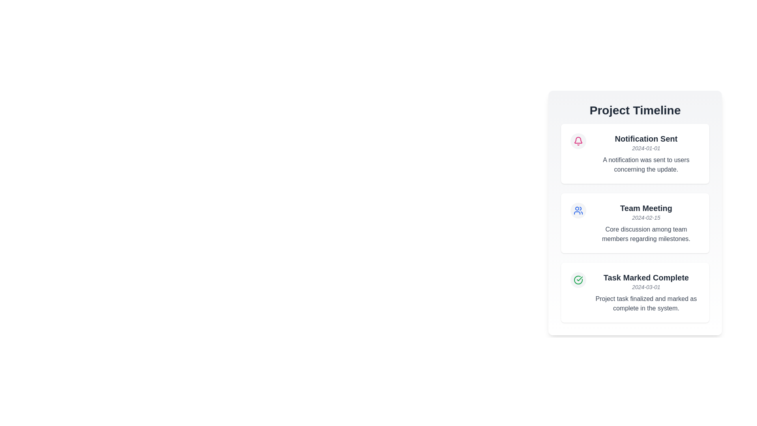 Image resolution: width=757 pixels, height=426 pixels. What do you see at coordinates (646, 138) in the screenshot?
I see `the text label that reads 'Notification Sent', which is styled in bold and large font, indicating significant information in a vertically aligned timeline interface` at bounding box center [646, 138].